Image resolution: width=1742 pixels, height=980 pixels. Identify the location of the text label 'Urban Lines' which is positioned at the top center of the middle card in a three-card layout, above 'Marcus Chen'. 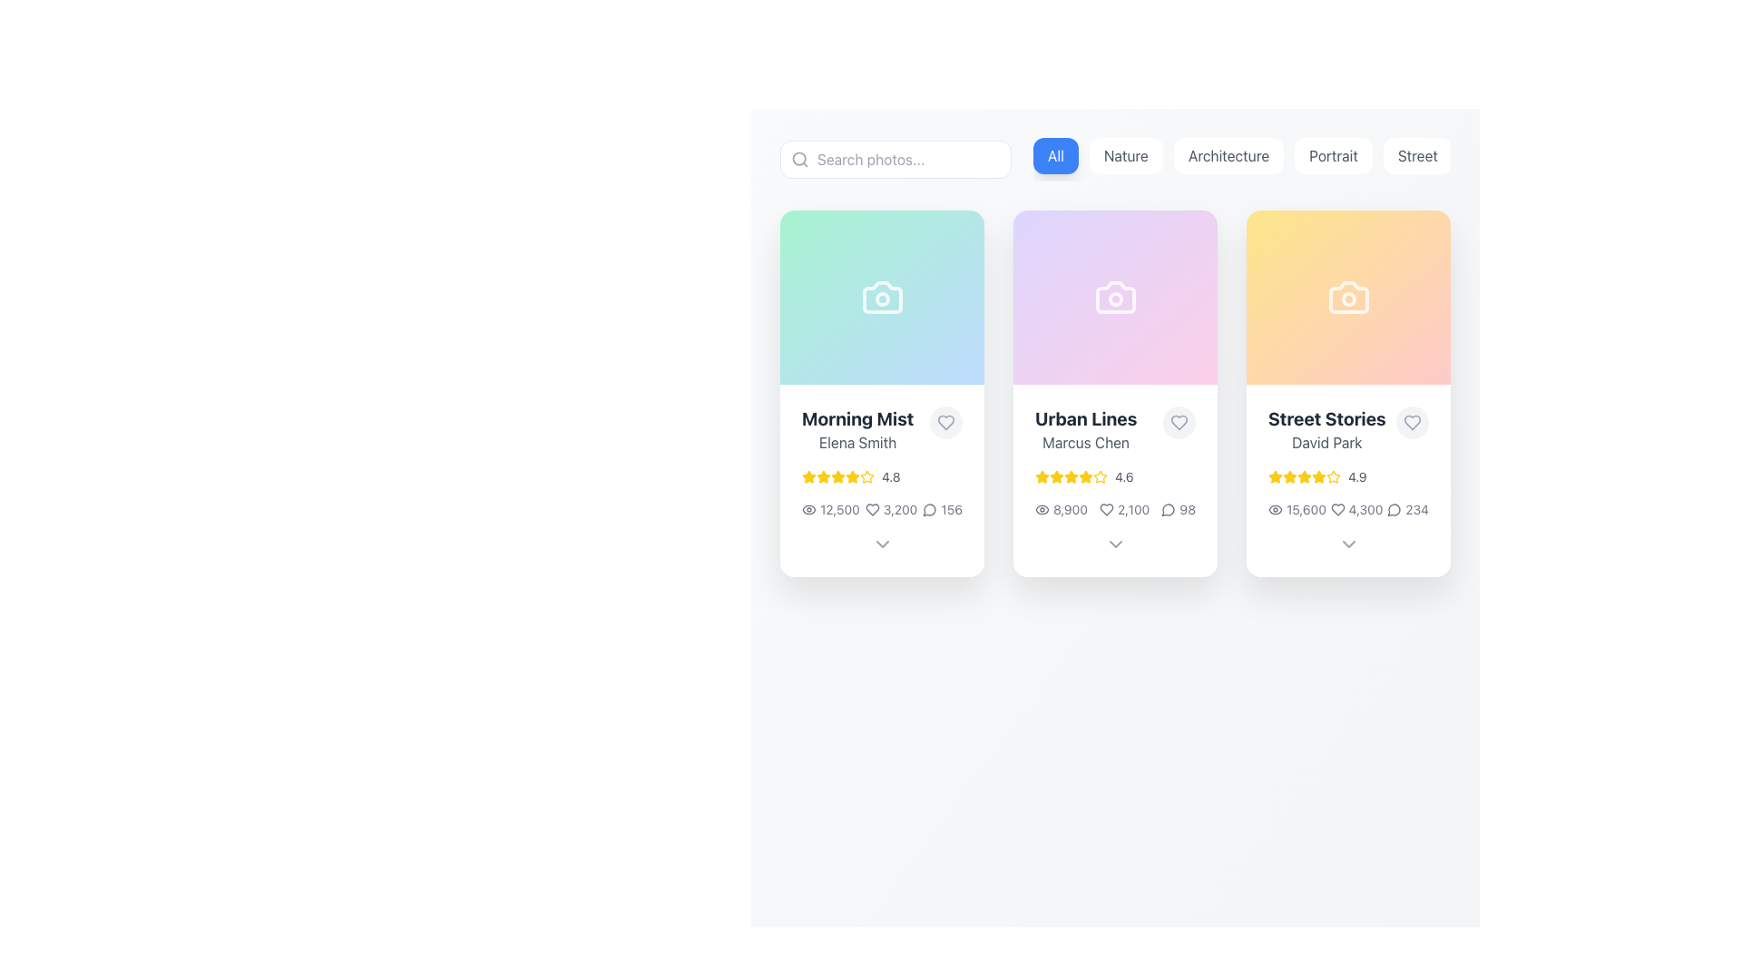
(1086, 419).